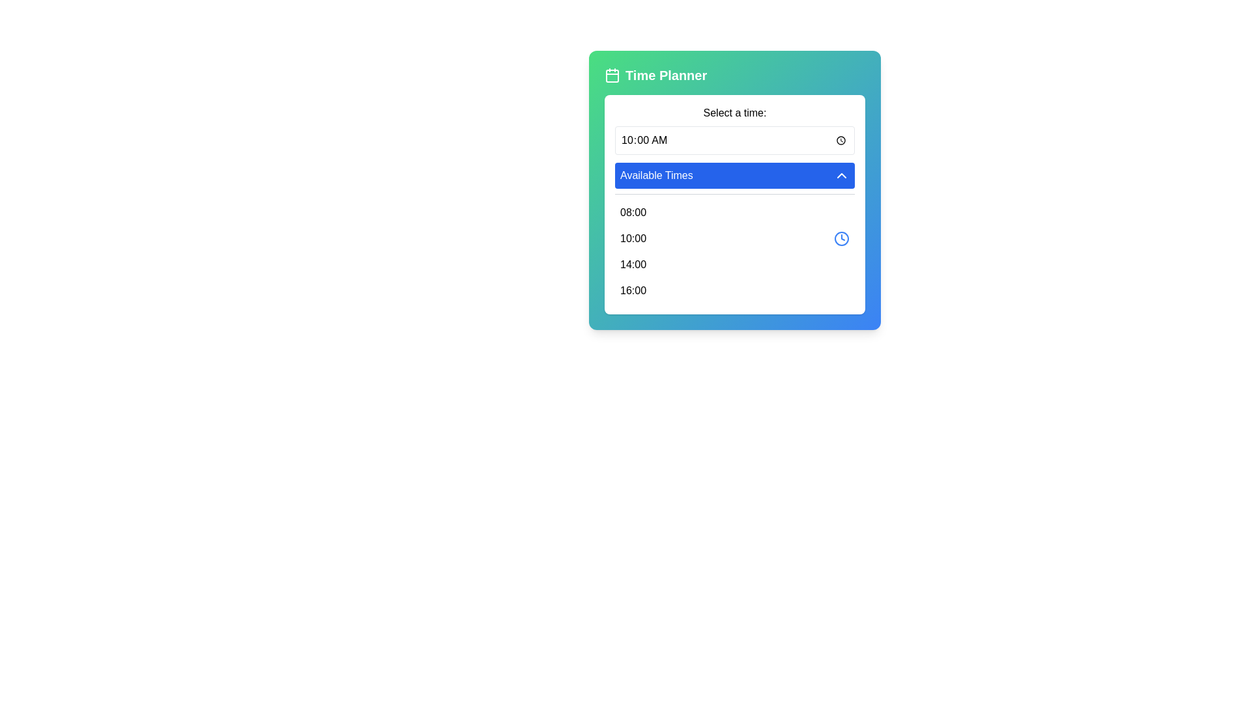 The image size is (1251, 703). What do you see at coordinates (735, 264) in the screenshot?
I see `the selectable time option '14:00' in the time picker interface to change its background color` at bounding box center [735, 264].